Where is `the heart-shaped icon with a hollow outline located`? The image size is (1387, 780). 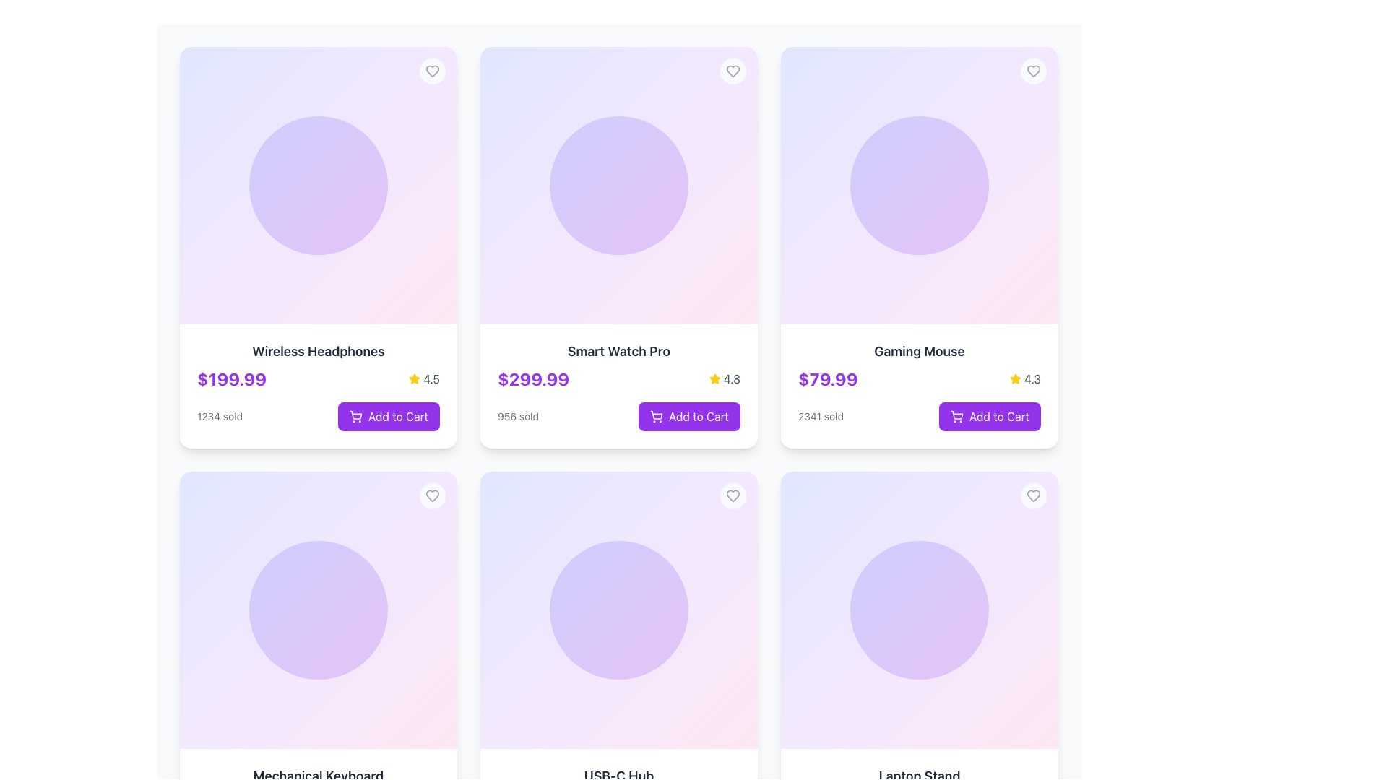 the heart-shaped icon with a hollow outline located is located at coordinates (432, 495).